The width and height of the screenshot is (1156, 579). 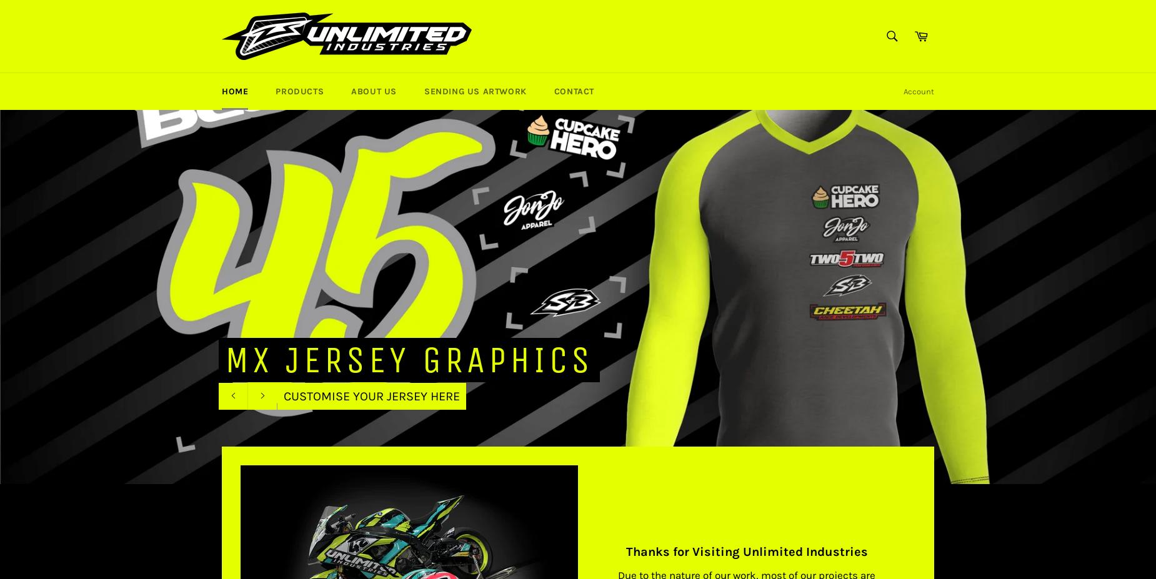 What do you see at coordinates (574, 91) in the screenshot?
I see `'Contact'` at bounding box center [574, 91].